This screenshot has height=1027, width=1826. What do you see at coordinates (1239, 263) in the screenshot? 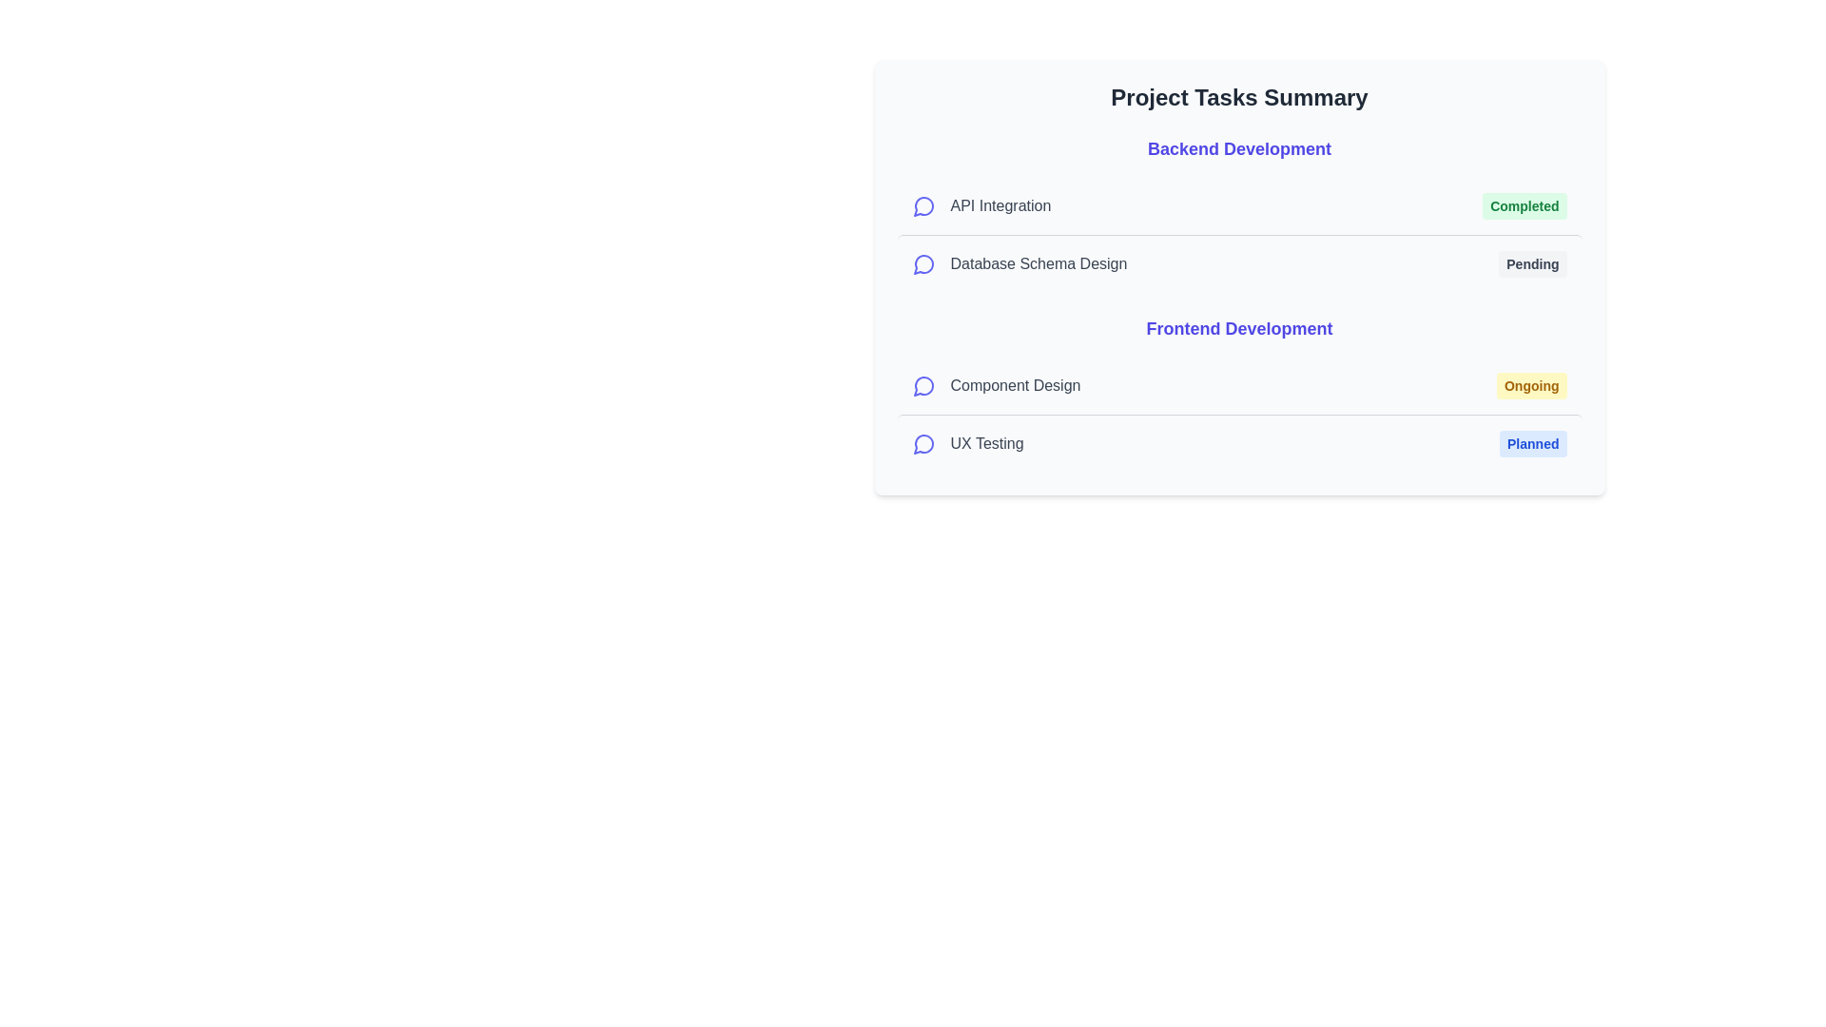
I see `the status indicator of the List item labeled 'Database Schema Design' which shows 'Pending' on the right side` at bounding box center [1239, 263].